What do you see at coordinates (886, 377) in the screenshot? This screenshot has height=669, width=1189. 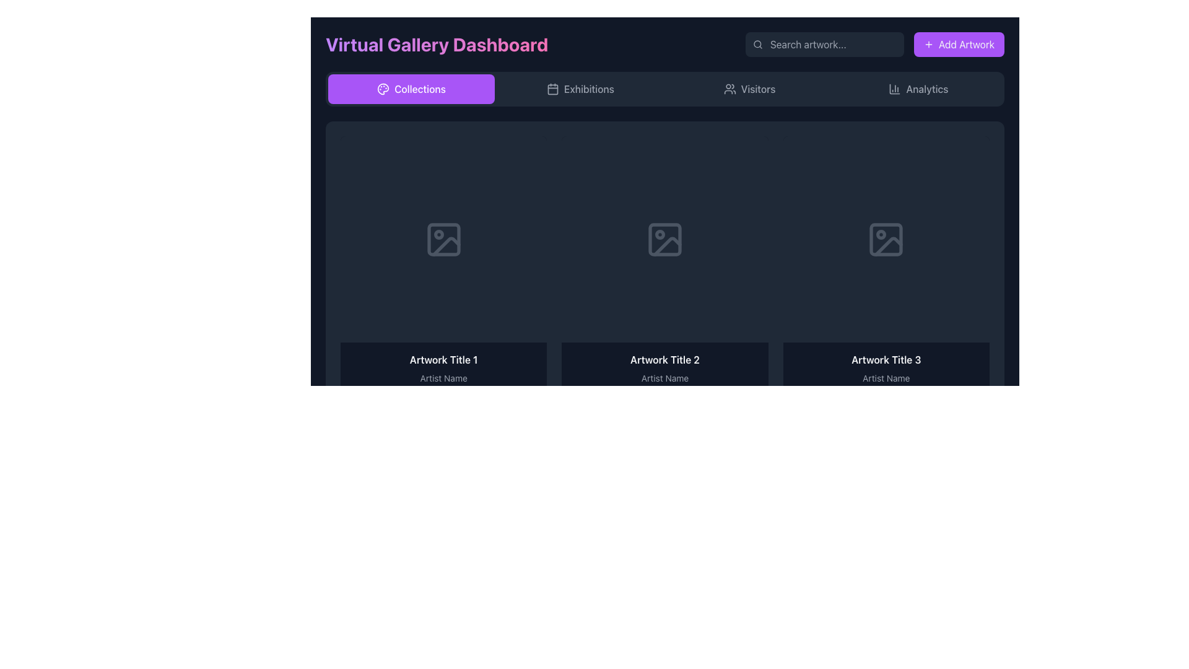 I see `the Label Group displaying 'Artwork Title 3' and 'Artist Name' at the bottom of the third artwork card` at bounding box center [886, 377].